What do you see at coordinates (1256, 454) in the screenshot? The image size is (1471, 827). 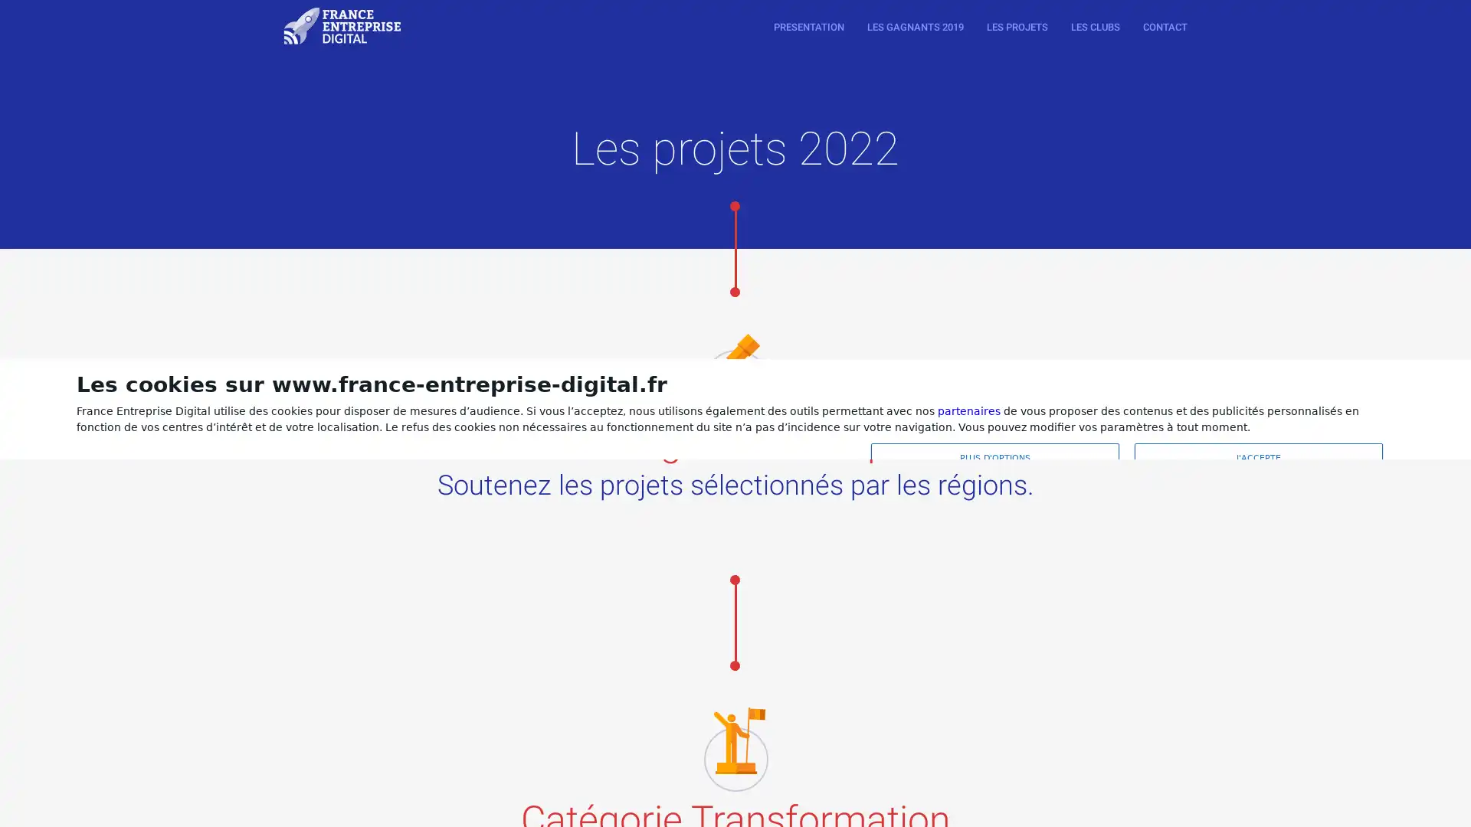 I see `J'ACCEPTE` at bounding box center [1256, 454].